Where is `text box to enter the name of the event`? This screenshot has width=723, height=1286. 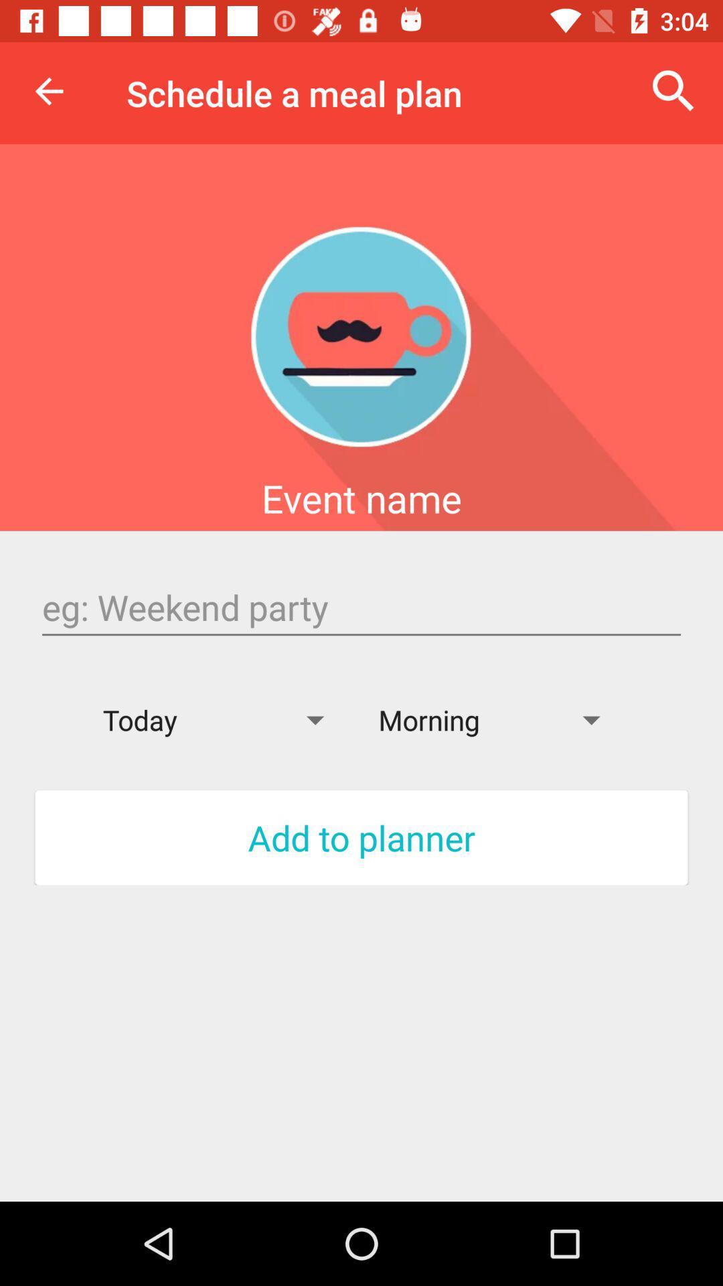
text box to enter the name of the event is located at coordinates (361, 607).